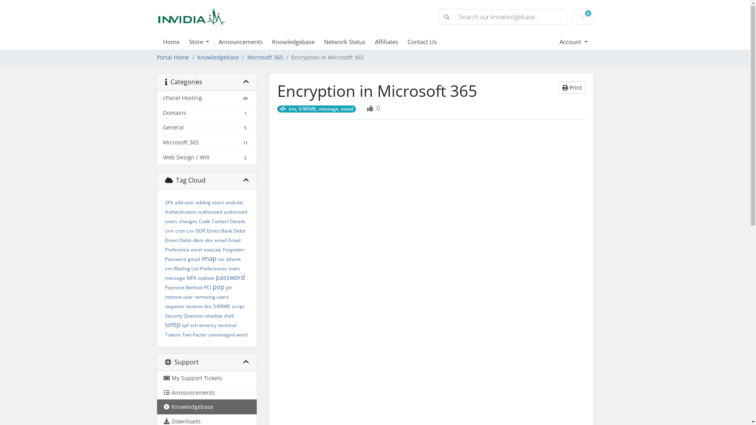 The height and width of the screenshot is (425, 756). I want to click on 'PCI', so click(208, 287).